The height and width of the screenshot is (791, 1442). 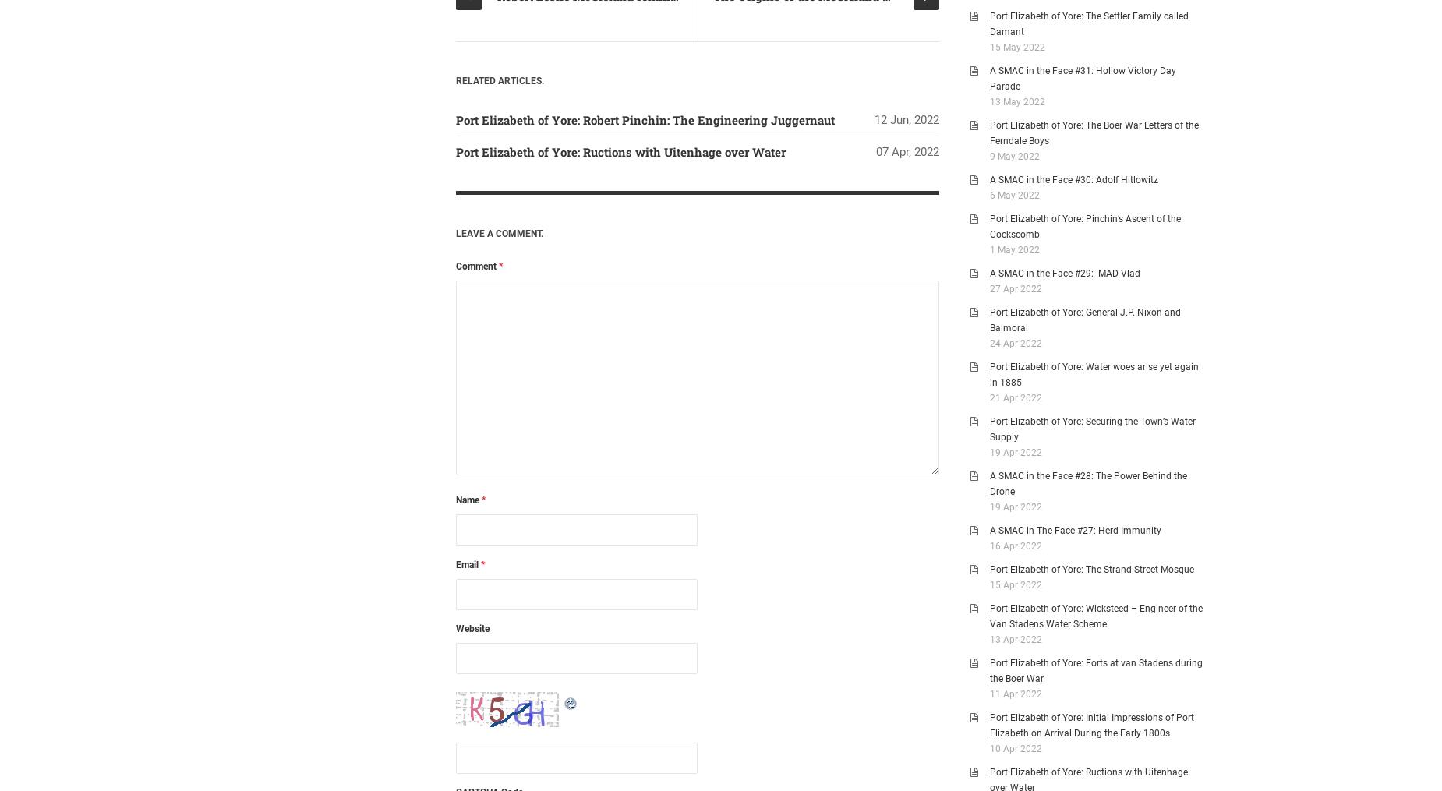 What do you see at coordinates (906, 118) in the screenshot?
I see `'12 Jun, 2022'` at bounding box center [906, 118].